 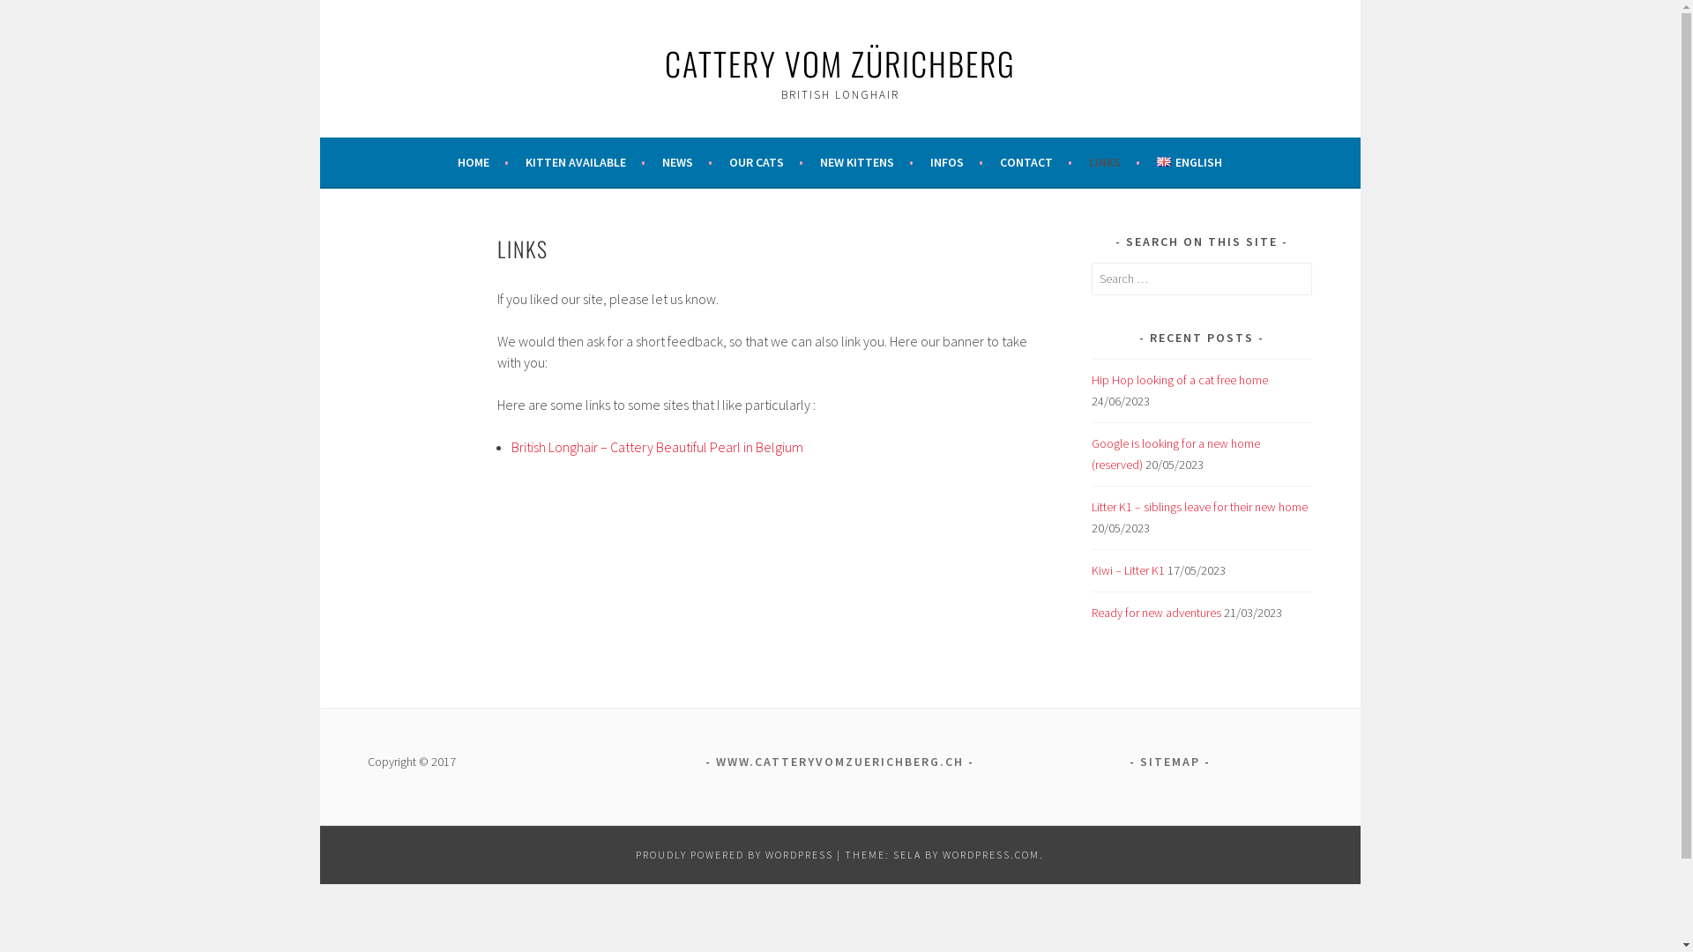 What do you see at coordinates (839, 761) in the screenshot?
I see `'WWW.CATTERYVOMZUERICHBERG.CH'` at bounding box center [839, 761].